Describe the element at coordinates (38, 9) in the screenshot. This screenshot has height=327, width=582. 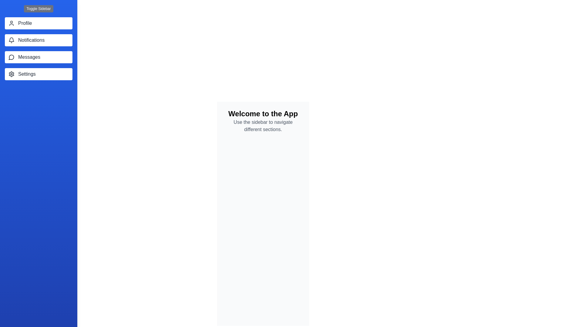
I see `the 'Toggle Sidebar' button to toggle the sidebar visibility` at that location.